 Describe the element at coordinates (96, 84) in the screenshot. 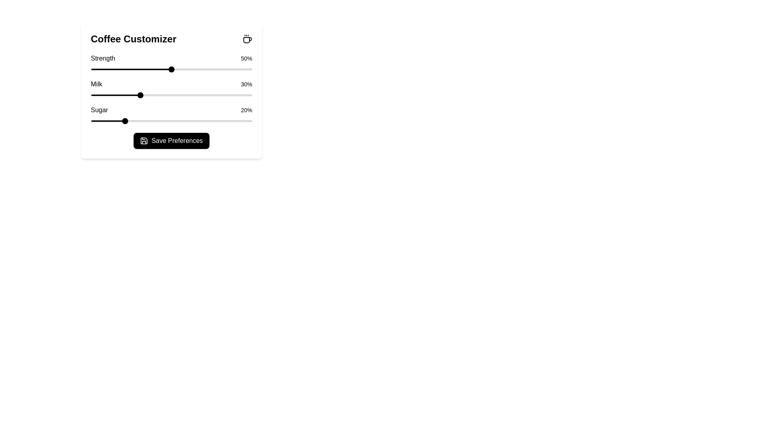

I see `the 'Milk' text label, which is displayed in a medium-weight black font, positioned to the left of the percentage value '30%' and above an interactive slider in the 'Coffee Customizer' card interface` at that location.